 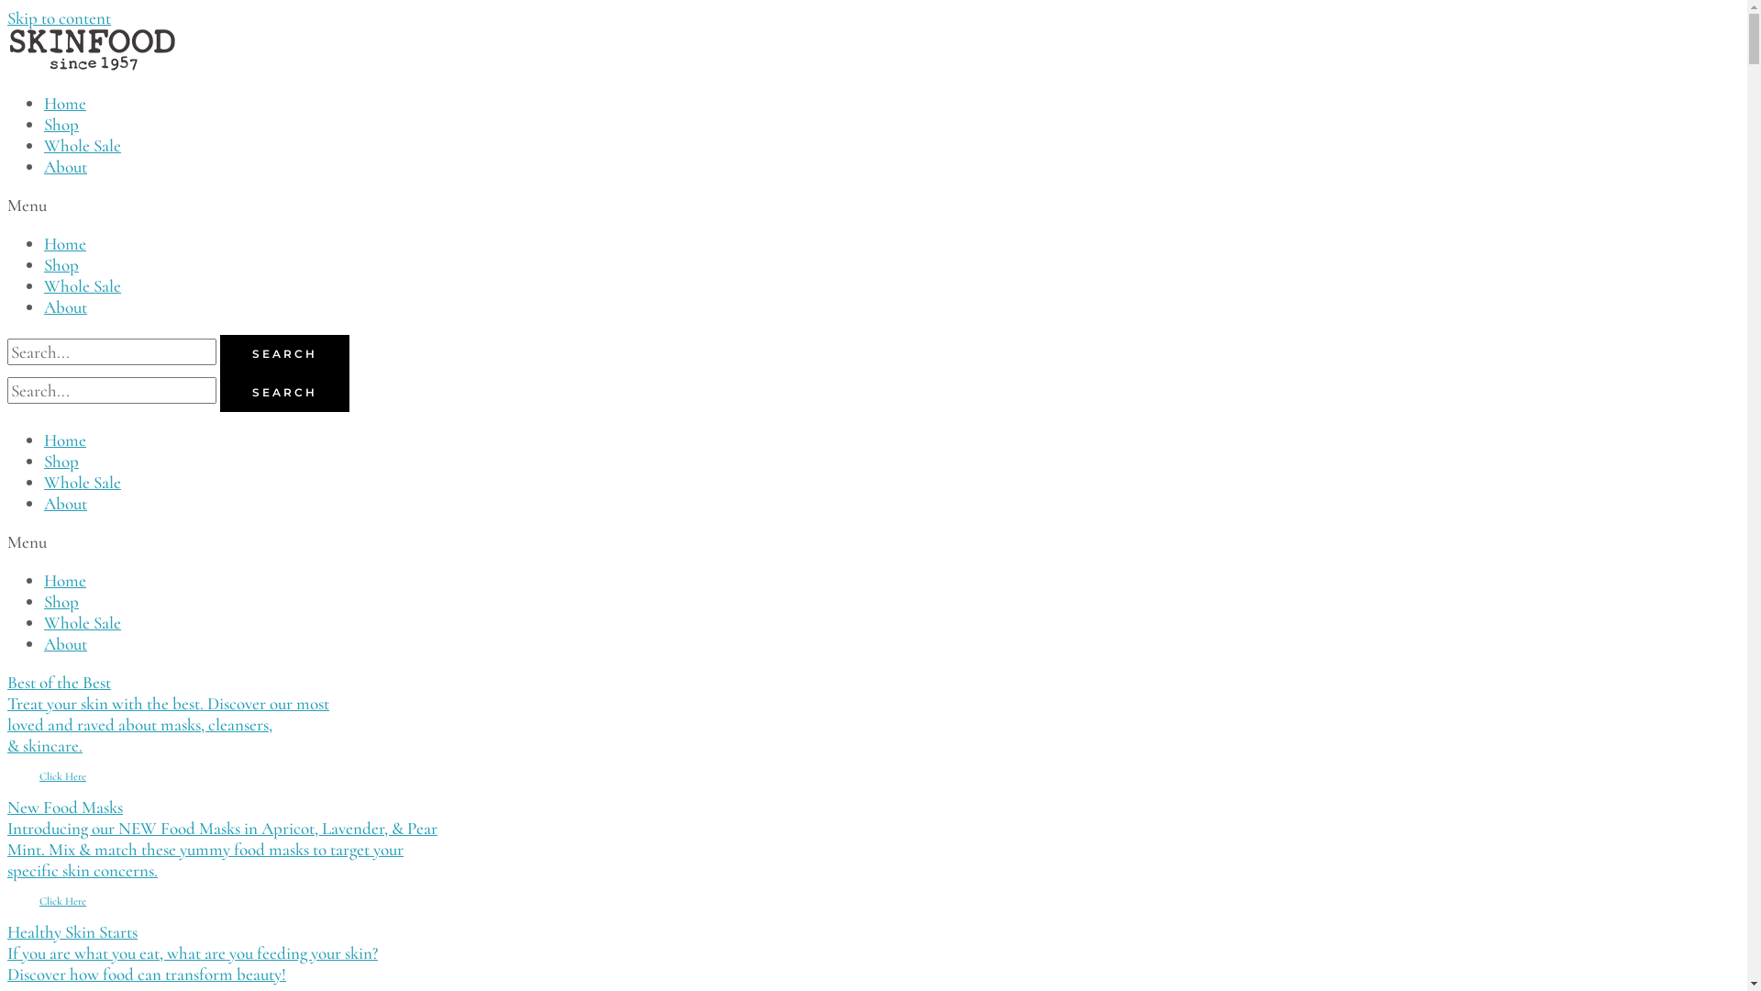 What do you see at coordinates (44, 144) in the screenshot?
I see `'Whole Sale'` at bounding box center [44, 144].